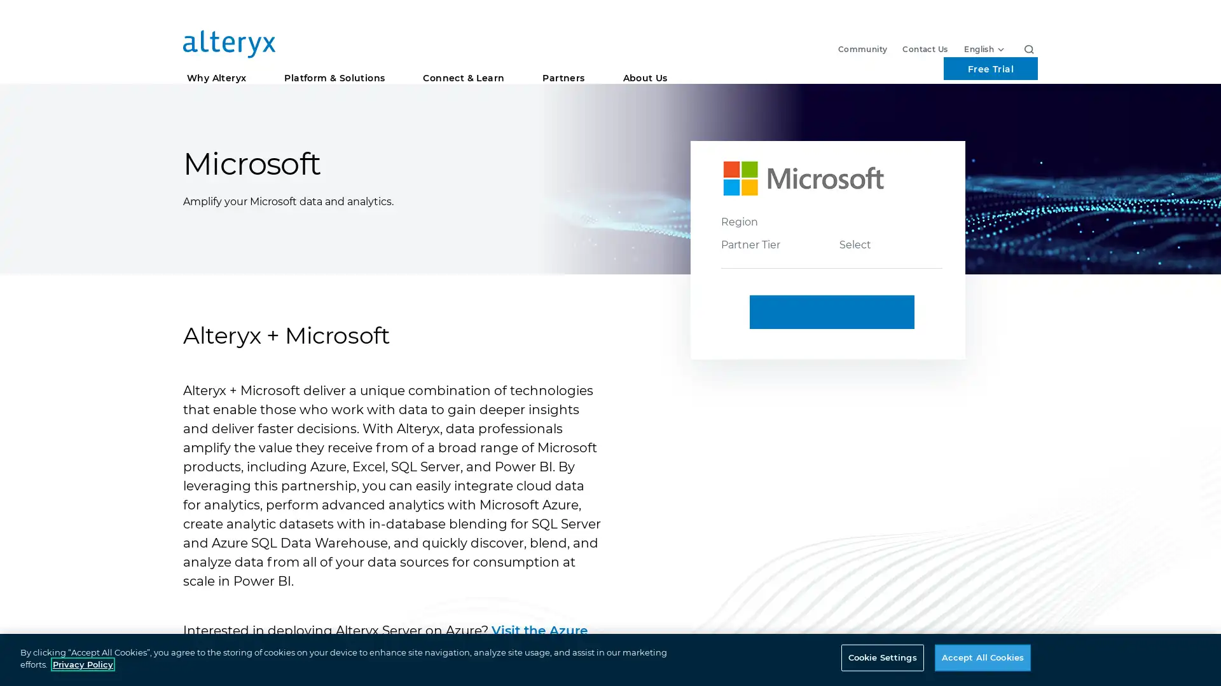 This screenshot has width=1221, height=686. Describe the element at coordinates (335, 64) in the screenshot. I see `Platform & Solutions, menu` at that location.